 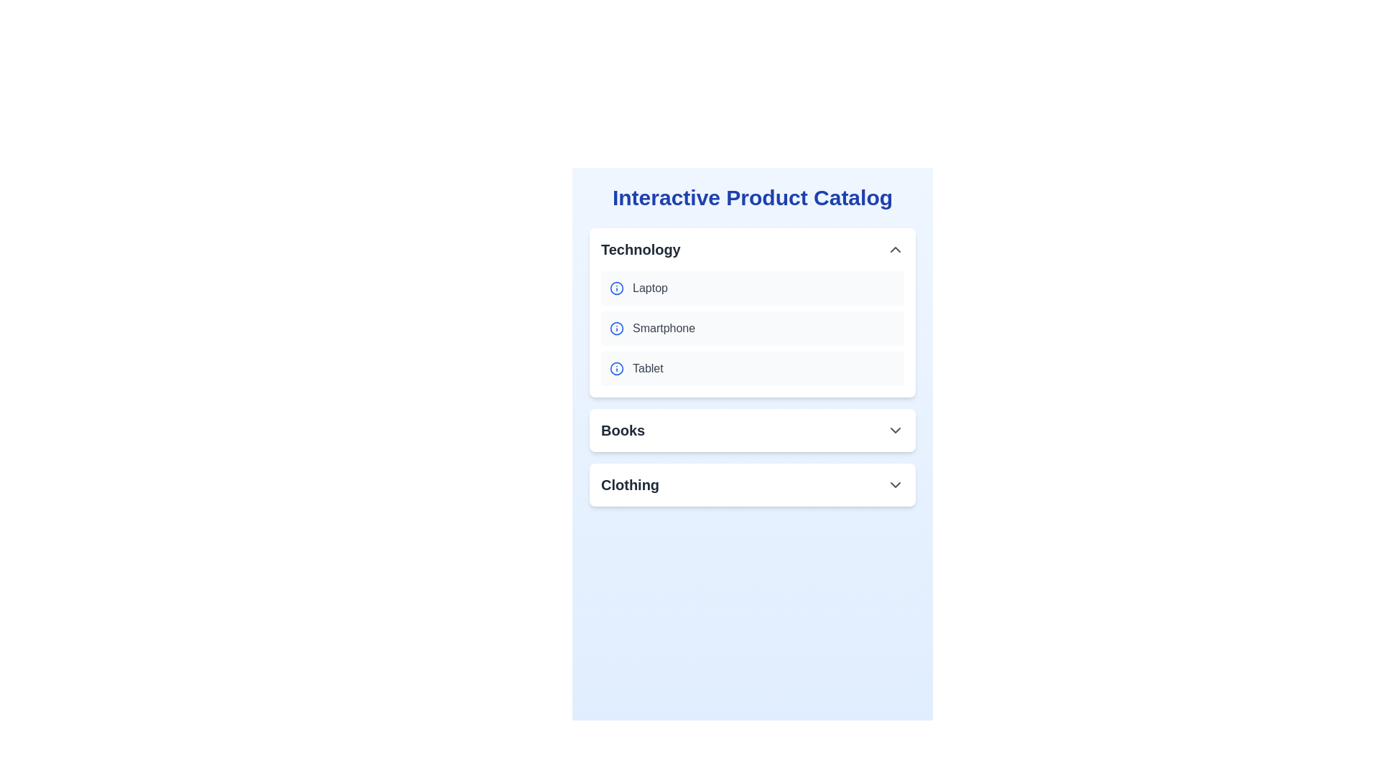 I want to click on the 'Clothing' category label within the dropdown menu labeled 'Books', so click(x=630, y=484).